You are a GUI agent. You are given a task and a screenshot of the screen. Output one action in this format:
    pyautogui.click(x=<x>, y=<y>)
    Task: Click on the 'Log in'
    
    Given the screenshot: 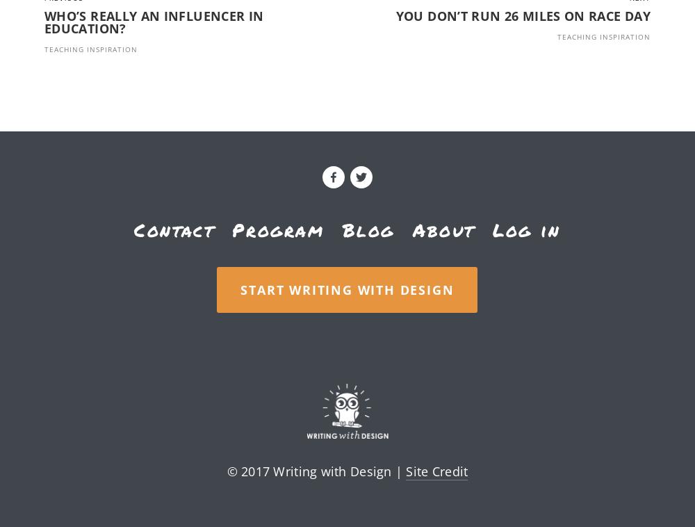 What is the action you would take?
    pyautogui.click(x=526, y=229)
    